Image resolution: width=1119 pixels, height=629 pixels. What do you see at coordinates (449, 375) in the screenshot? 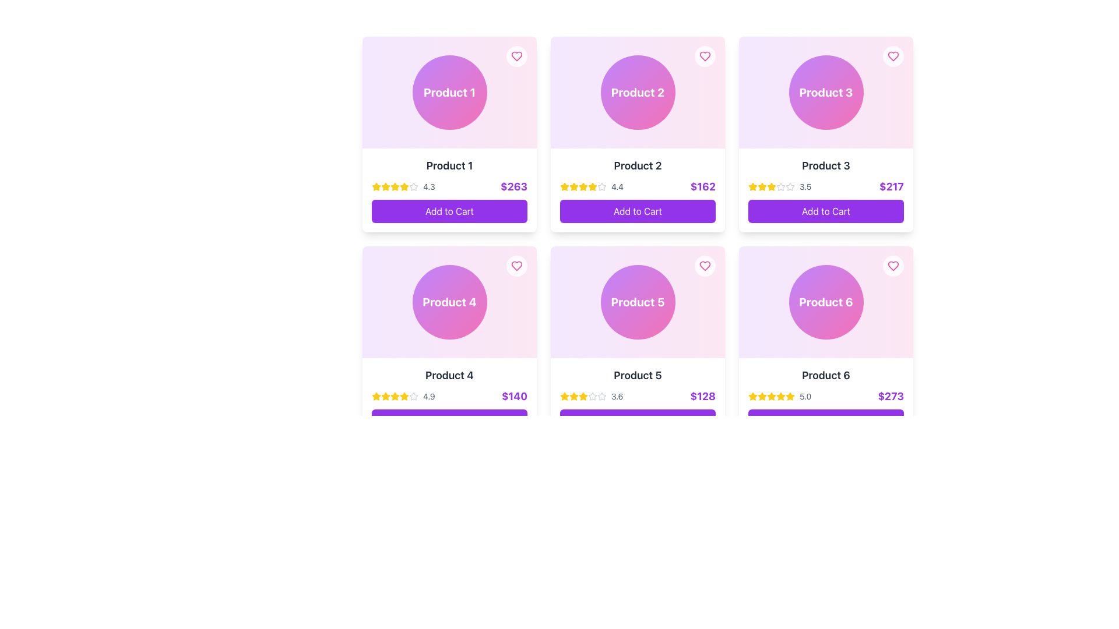
I see `the static text label serving as a title or label for the product presented in its card, located in the second row, first column of the product grid` at bounding box center [449, 375].